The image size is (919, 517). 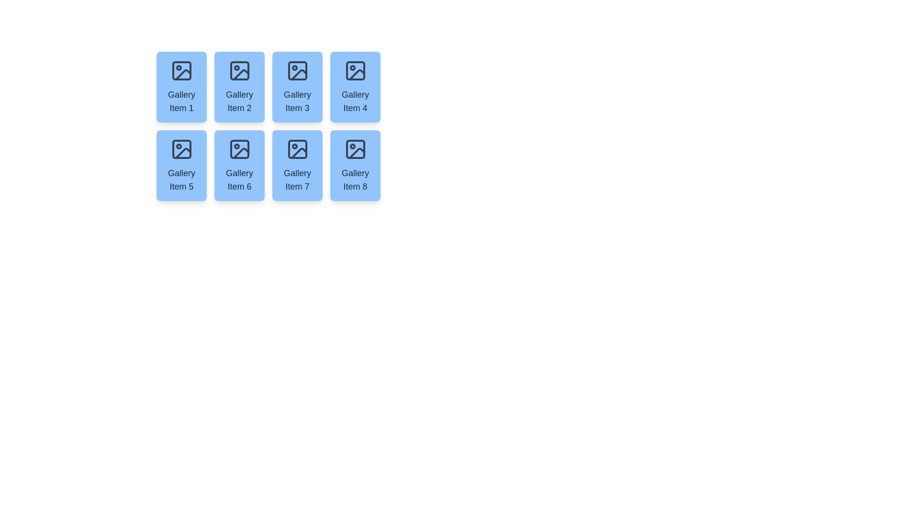 I want to click on the eighth card in the gallery, located in the last column of the second row, so click(x=355, y=165).